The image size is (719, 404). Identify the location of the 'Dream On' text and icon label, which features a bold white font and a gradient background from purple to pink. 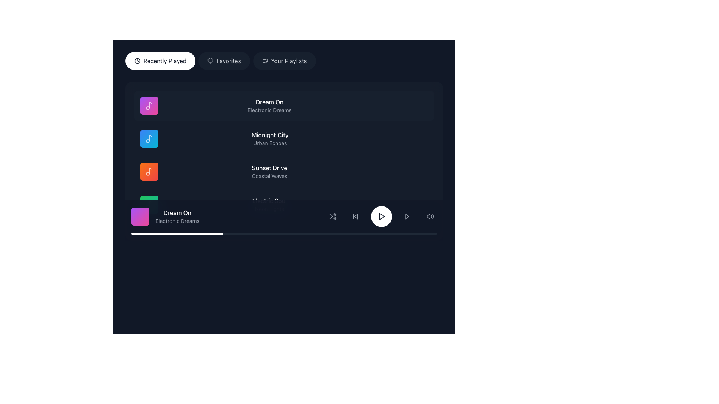
(165, 216).